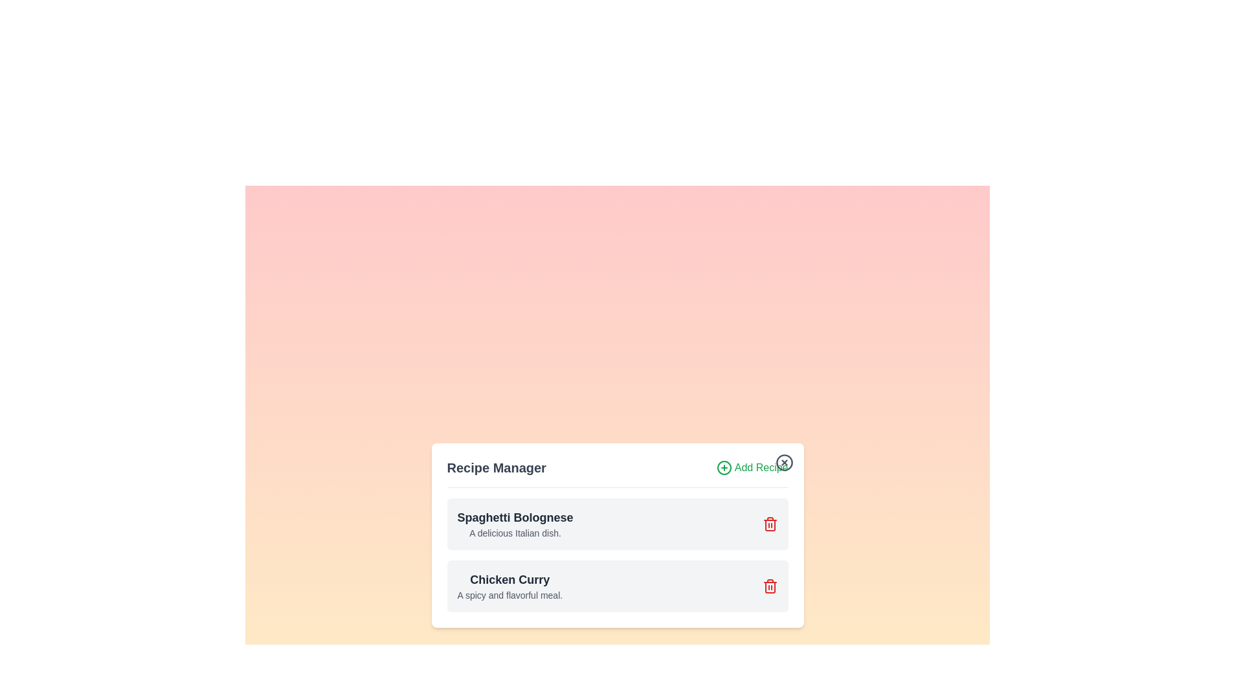 This screenshot has width=1243, height=699. Describe the element at coordinates (515, 516) in the screenshot. I see `the bold text label displaying 'Spaghetti Bolognese' in dark gray, which is the title of the first item in the 'Recipe Manager' list` at that location.